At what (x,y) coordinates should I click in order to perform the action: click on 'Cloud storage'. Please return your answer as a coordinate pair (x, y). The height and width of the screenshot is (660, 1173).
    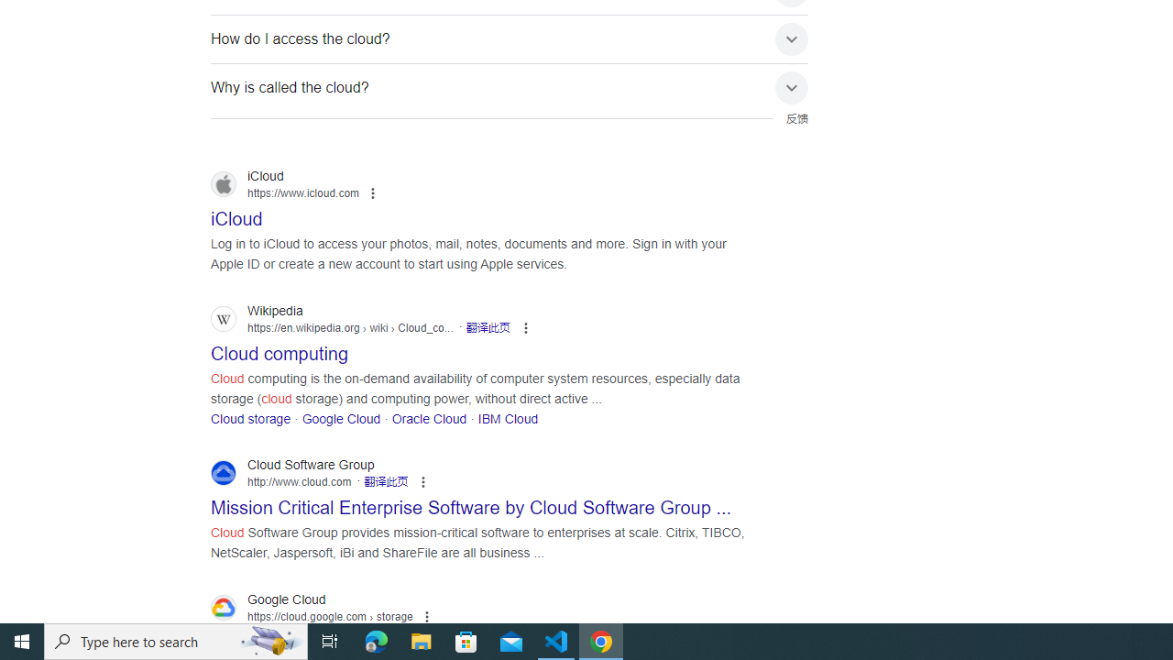
    Looking at the image, I should click on (249, 418).